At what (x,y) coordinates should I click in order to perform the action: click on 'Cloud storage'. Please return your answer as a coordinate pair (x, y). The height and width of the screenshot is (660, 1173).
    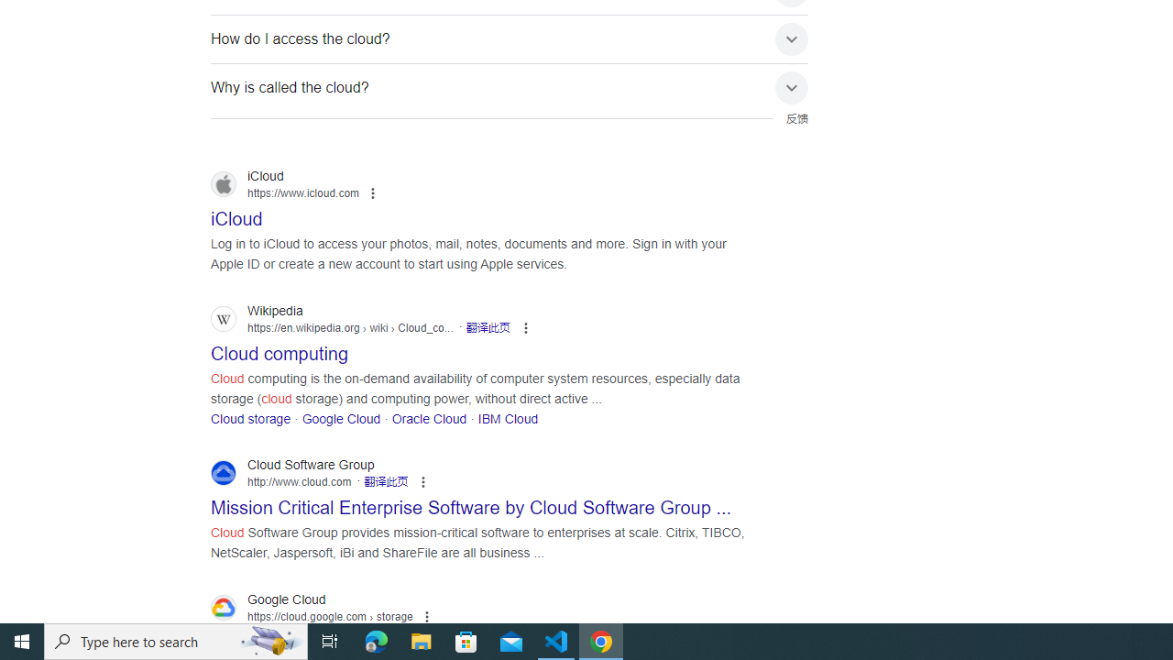
    Looking at the image, I should click on (249, 418).